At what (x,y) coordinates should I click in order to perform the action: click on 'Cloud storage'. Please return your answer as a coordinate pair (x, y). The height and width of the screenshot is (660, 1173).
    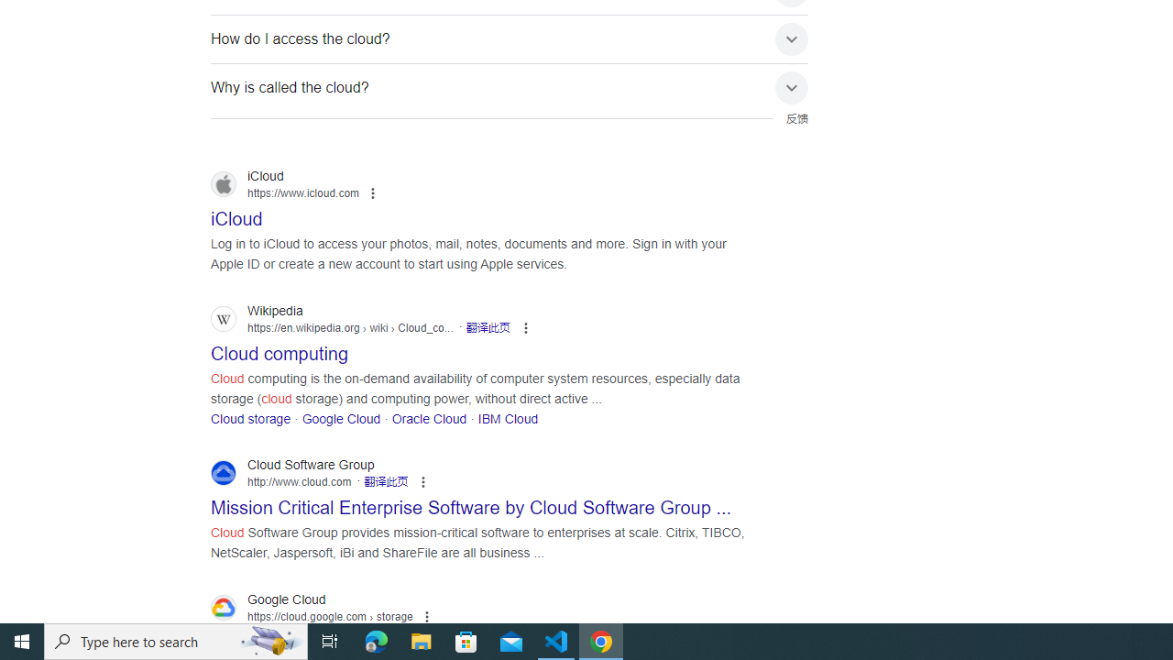
    Looking at the image, I should click on (249, 418).